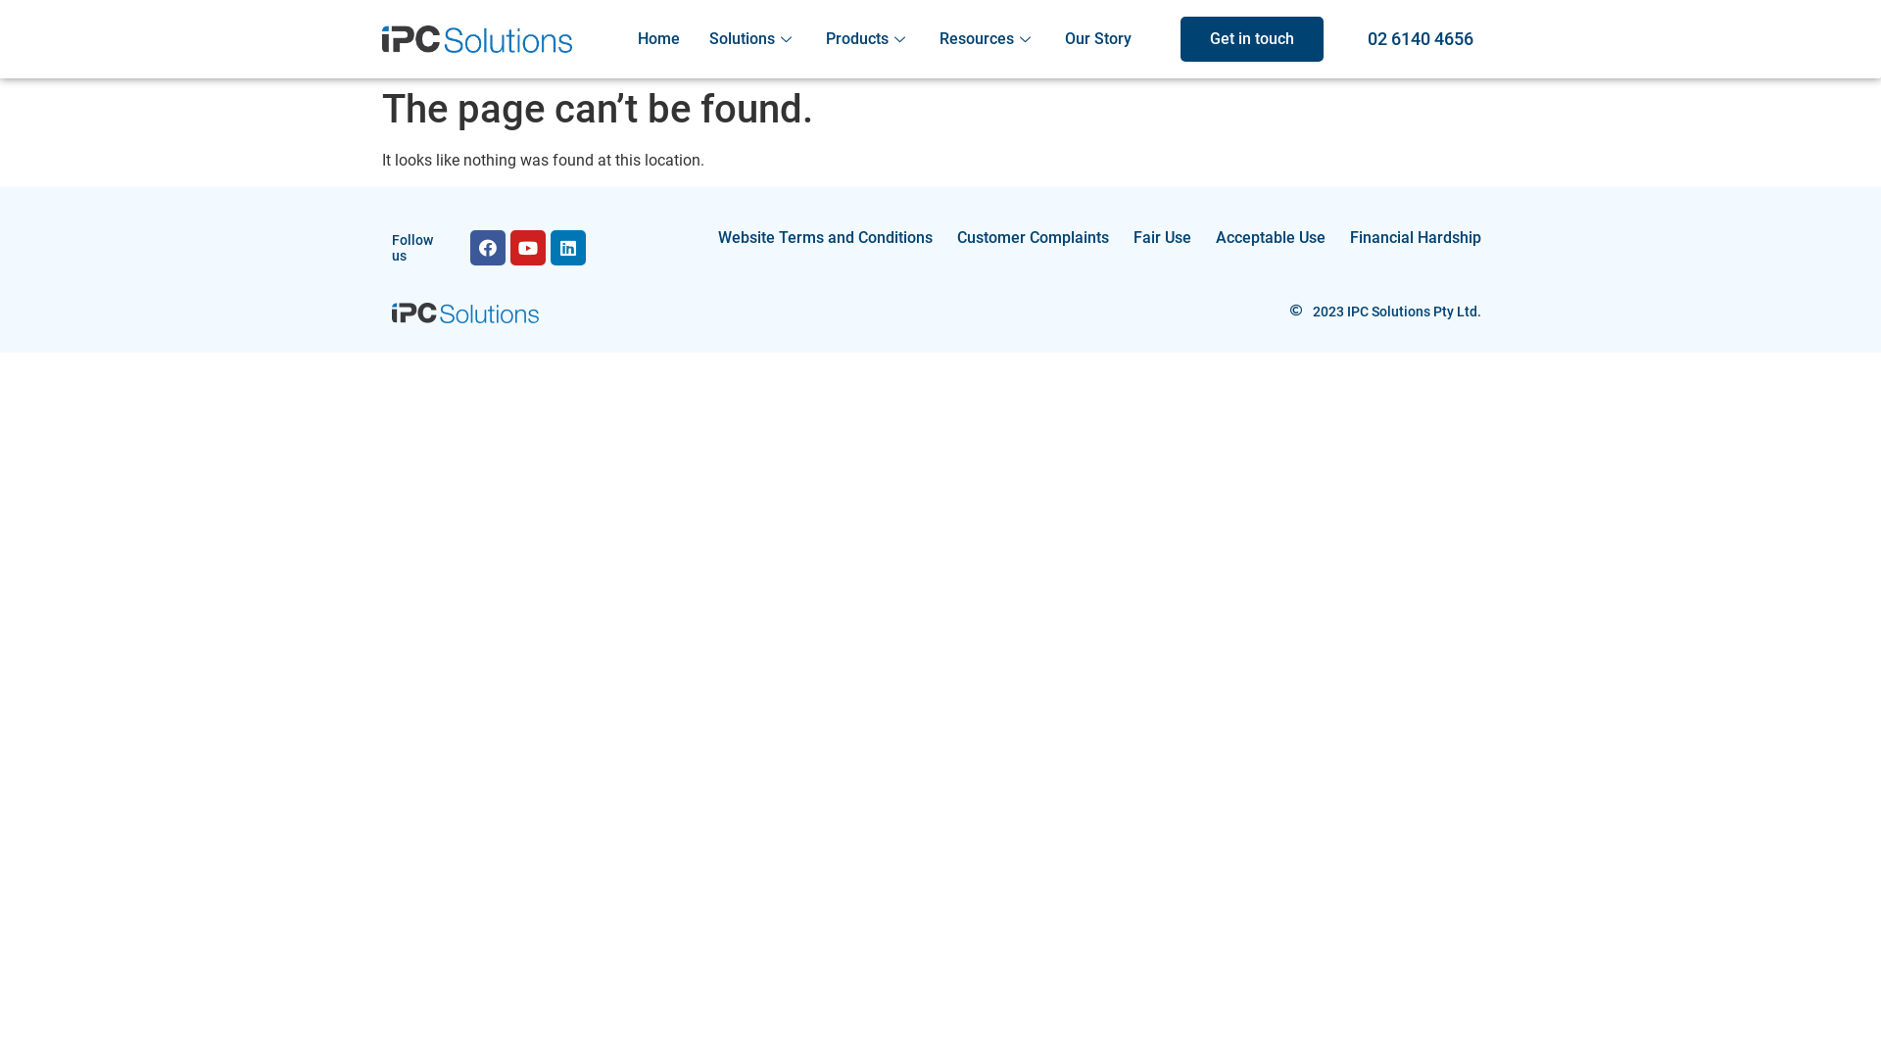 The image size is (1881, 1058). What do you see at coordinates (1415, 237) in the screenshot?
I see `'Financial Hardship'` at bounding box center [1415, 237].